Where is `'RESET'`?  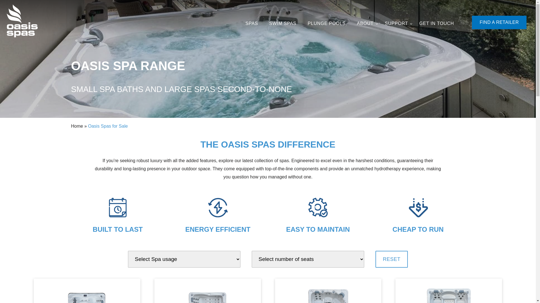 'RESET' is located at coordinates (375, 259).